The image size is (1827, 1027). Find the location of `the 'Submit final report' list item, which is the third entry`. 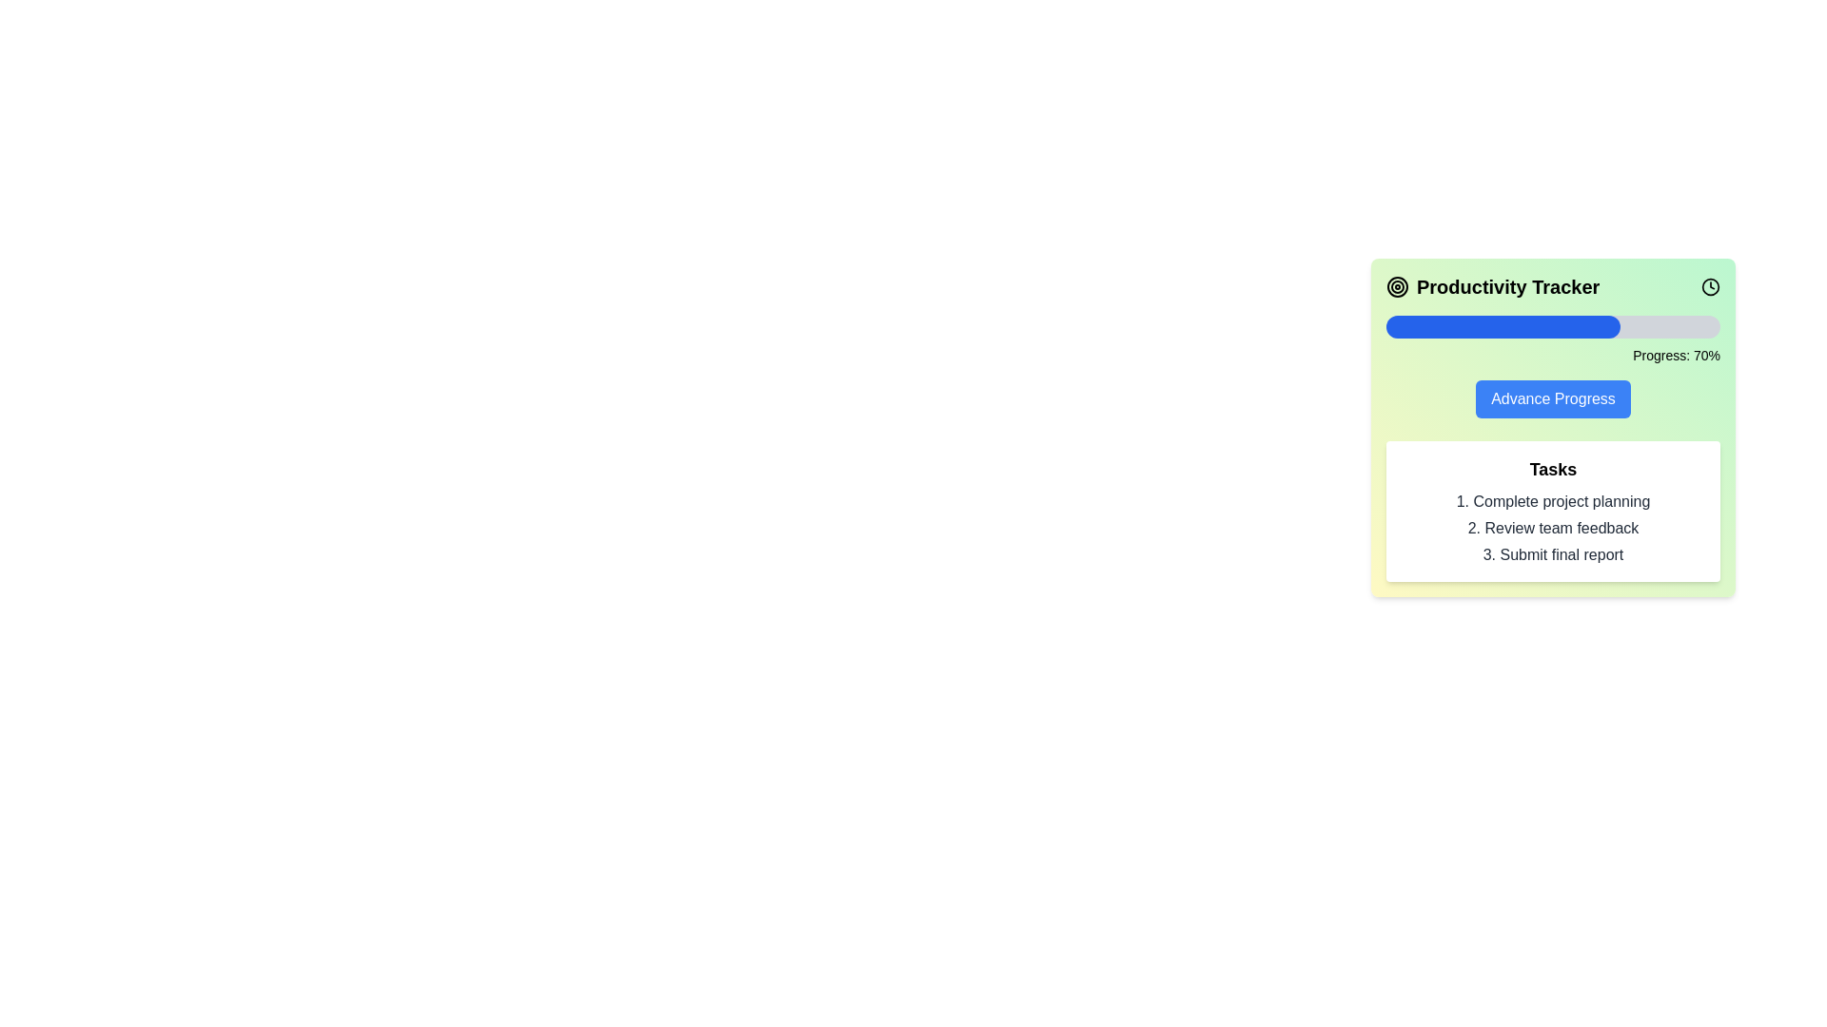

the 'Submit final report' list item, which is the third entry is located at coordinates (1553, 554).